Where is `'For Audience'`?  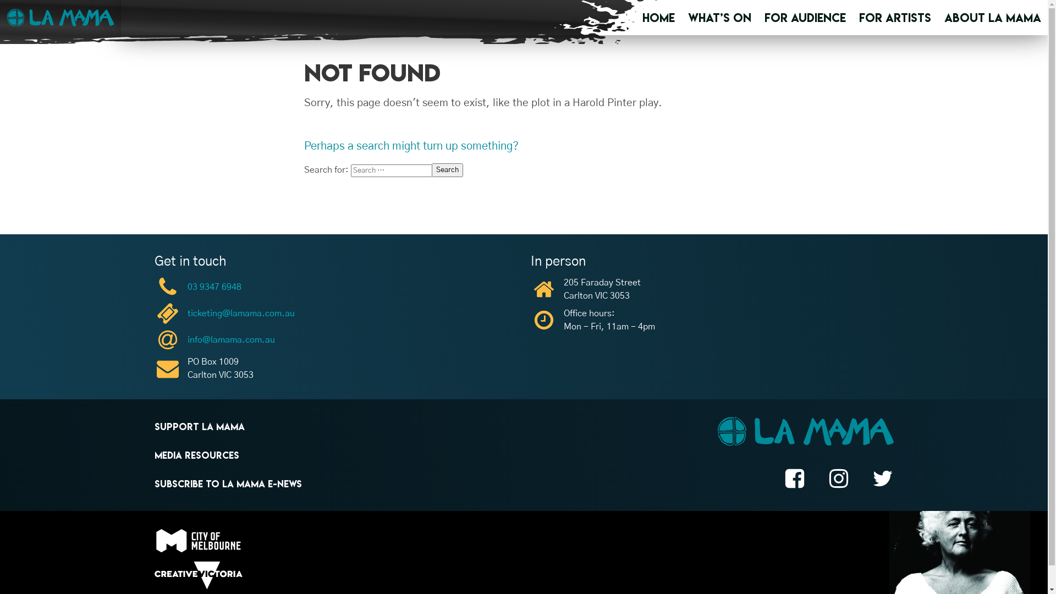
'For Audience' is located at coordinates (764, 17).